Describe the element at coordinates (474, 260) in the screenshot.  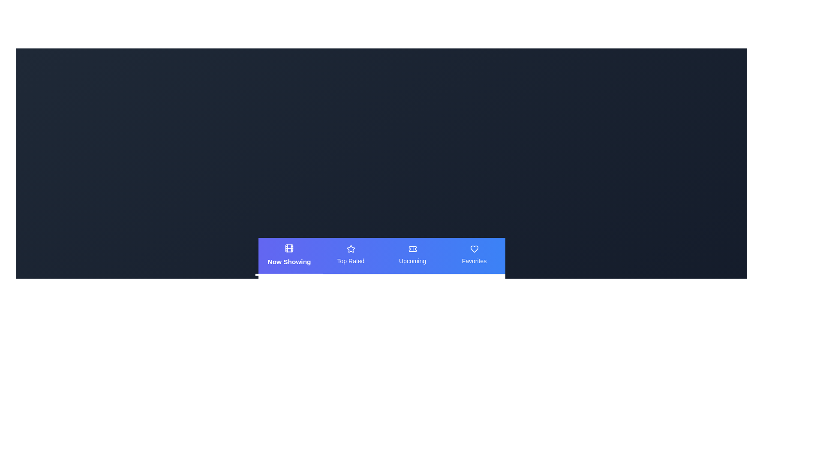
I see `the text label that indicates the favorites section in the bottom navigation bar, located beneath the heart icon` at that location.